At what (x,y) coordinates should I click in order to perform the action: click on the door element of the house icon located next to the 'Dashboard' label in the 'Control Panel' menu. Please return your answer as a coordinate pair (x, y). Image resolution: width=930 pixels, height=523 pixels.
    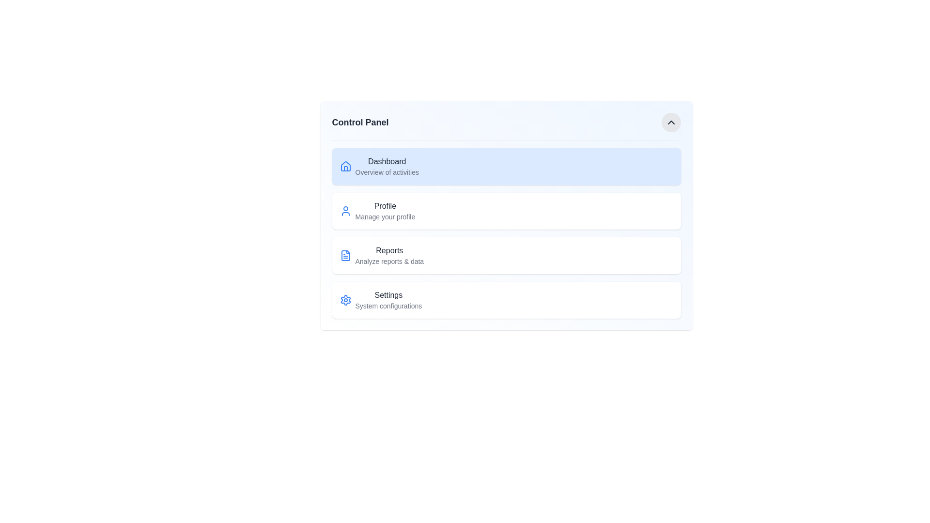
    Looking at the image, I should click on (345, 168).